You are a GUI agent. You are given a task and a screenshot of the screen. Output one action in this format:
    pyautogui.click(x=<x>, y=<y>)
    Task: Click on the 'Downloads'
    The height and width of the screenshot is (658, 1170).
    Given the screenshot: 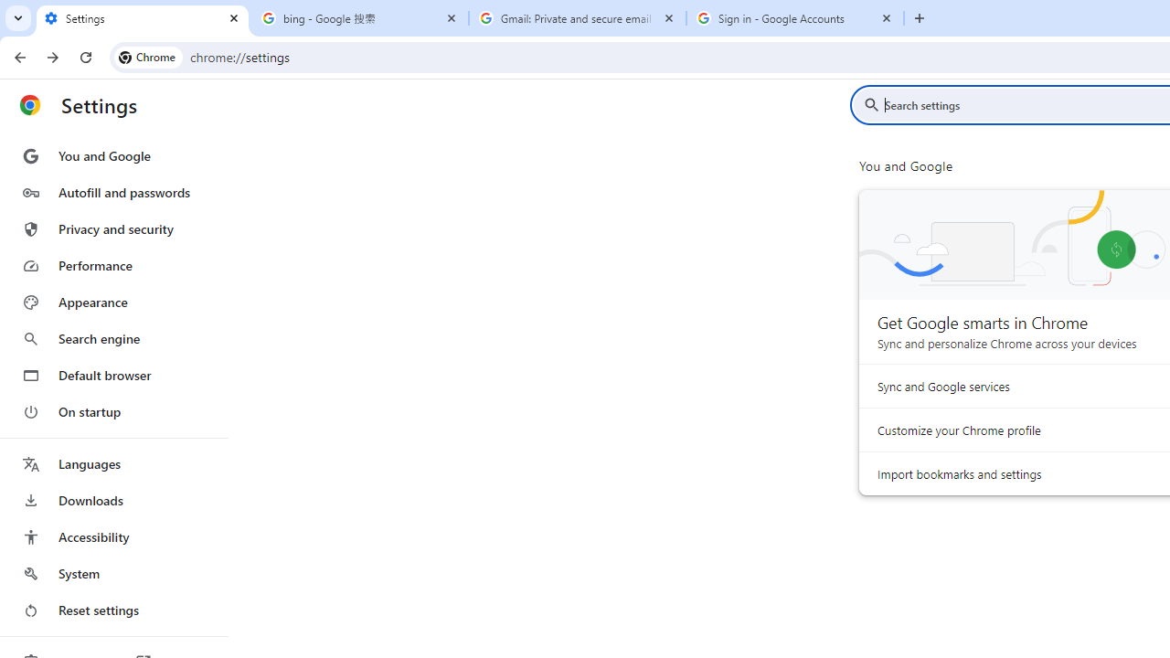 What is the action you would take?
    pyautogui.click(x=112, y=500)
    